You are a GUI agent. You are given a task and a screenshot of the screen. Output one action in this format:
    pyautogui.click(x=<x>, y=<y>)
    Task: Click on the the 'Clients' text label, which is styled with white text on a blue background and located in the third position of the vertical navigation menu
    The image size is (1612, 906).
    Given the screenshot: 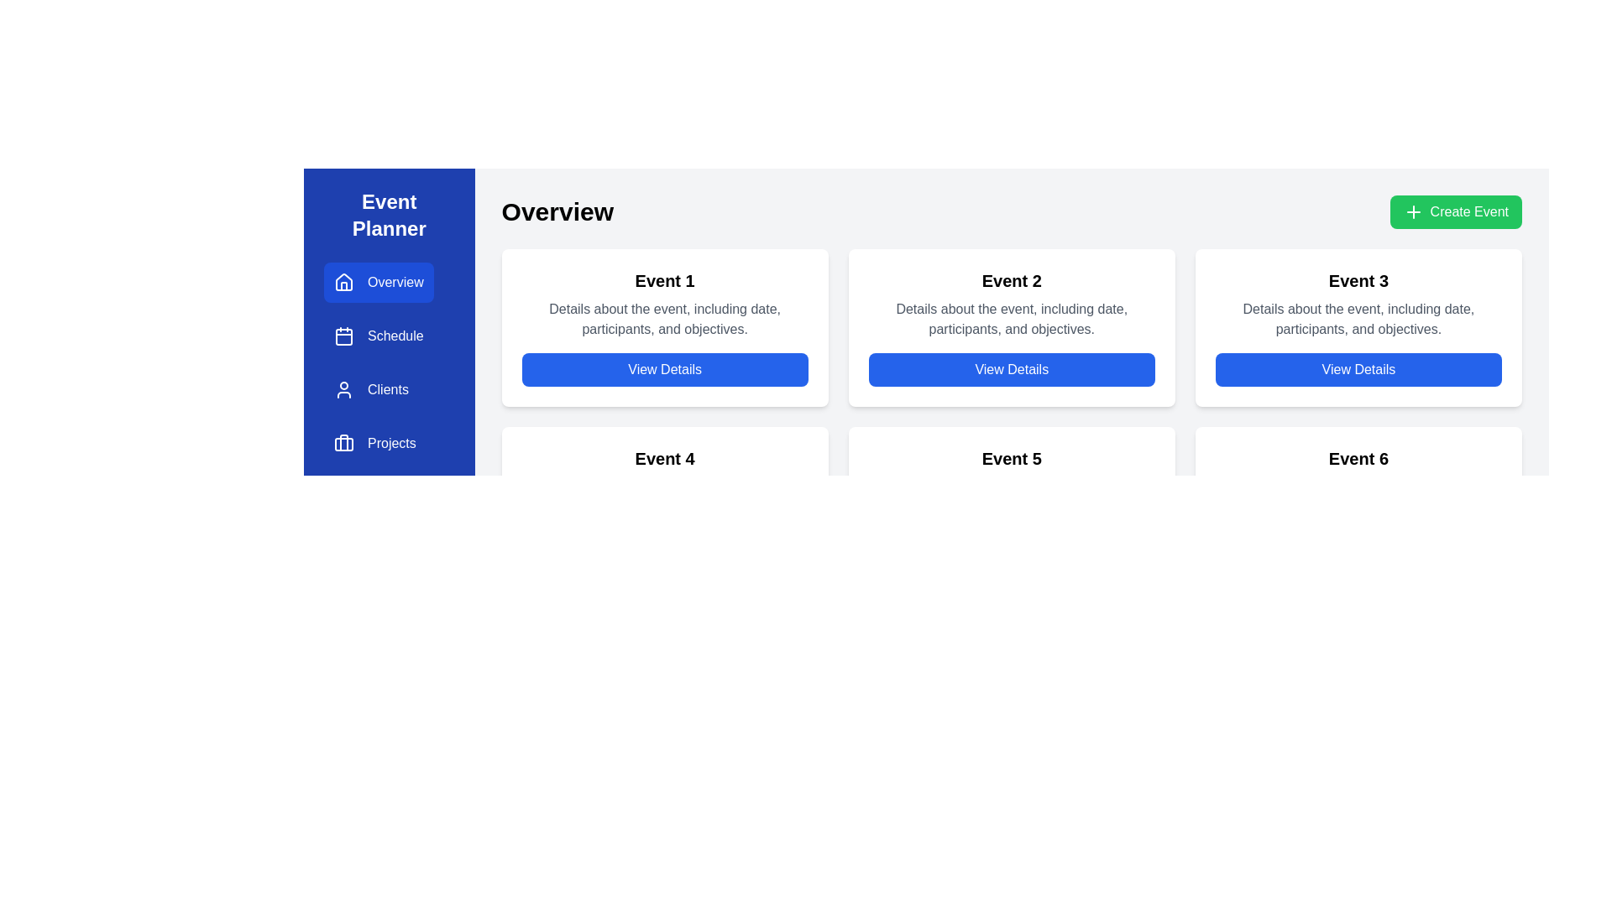 What is the action you would take?
    pyautogui.click(x=387, y=390)
    